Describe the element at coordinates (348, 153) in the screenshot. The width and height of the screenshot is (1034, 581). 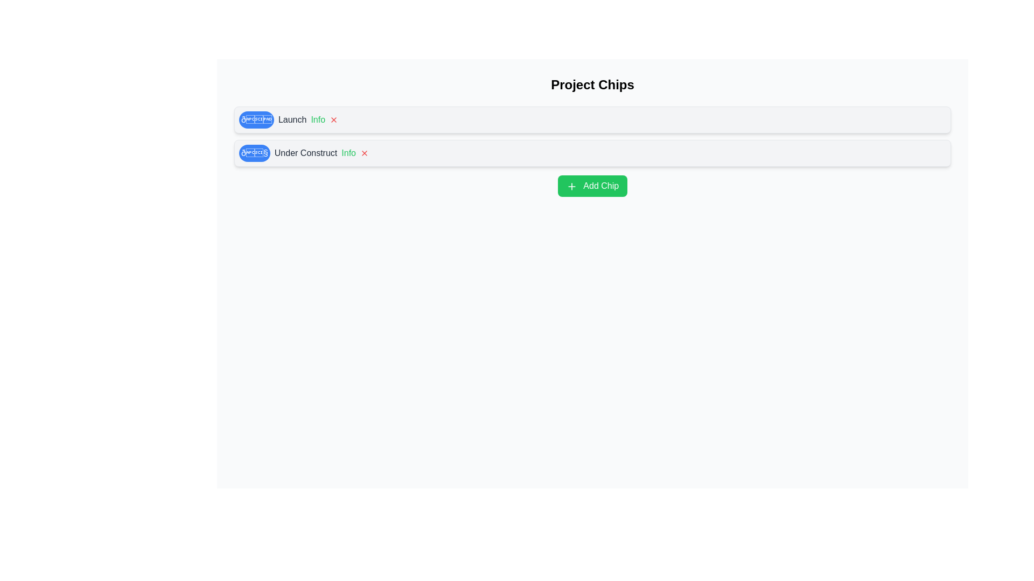
I see `'Info' button on the chip labeled Under Construct` at that location.